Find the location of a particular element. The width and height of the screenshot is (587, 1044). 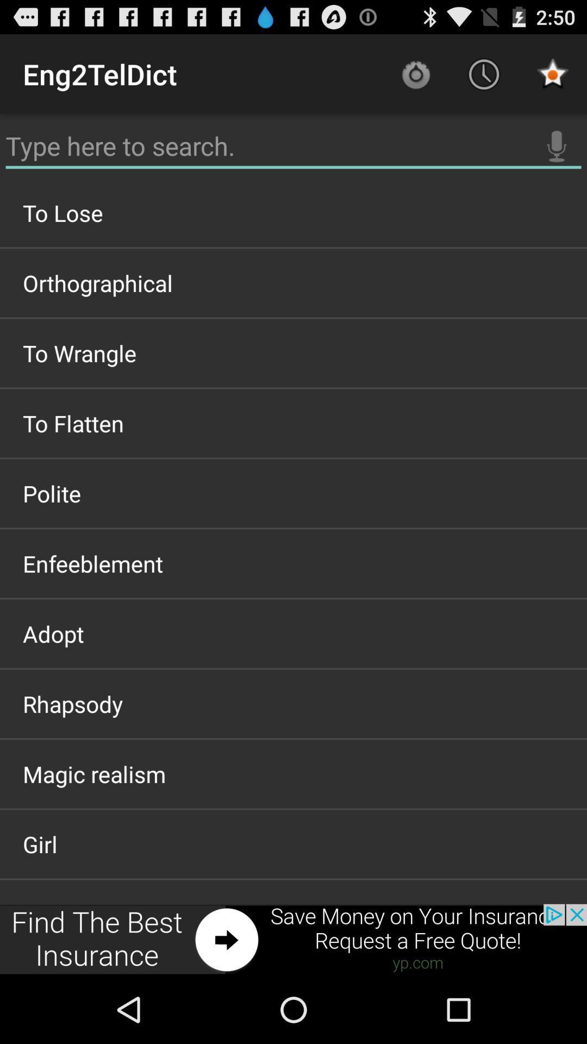

the to wrangle is located at coordinates (293, 353).